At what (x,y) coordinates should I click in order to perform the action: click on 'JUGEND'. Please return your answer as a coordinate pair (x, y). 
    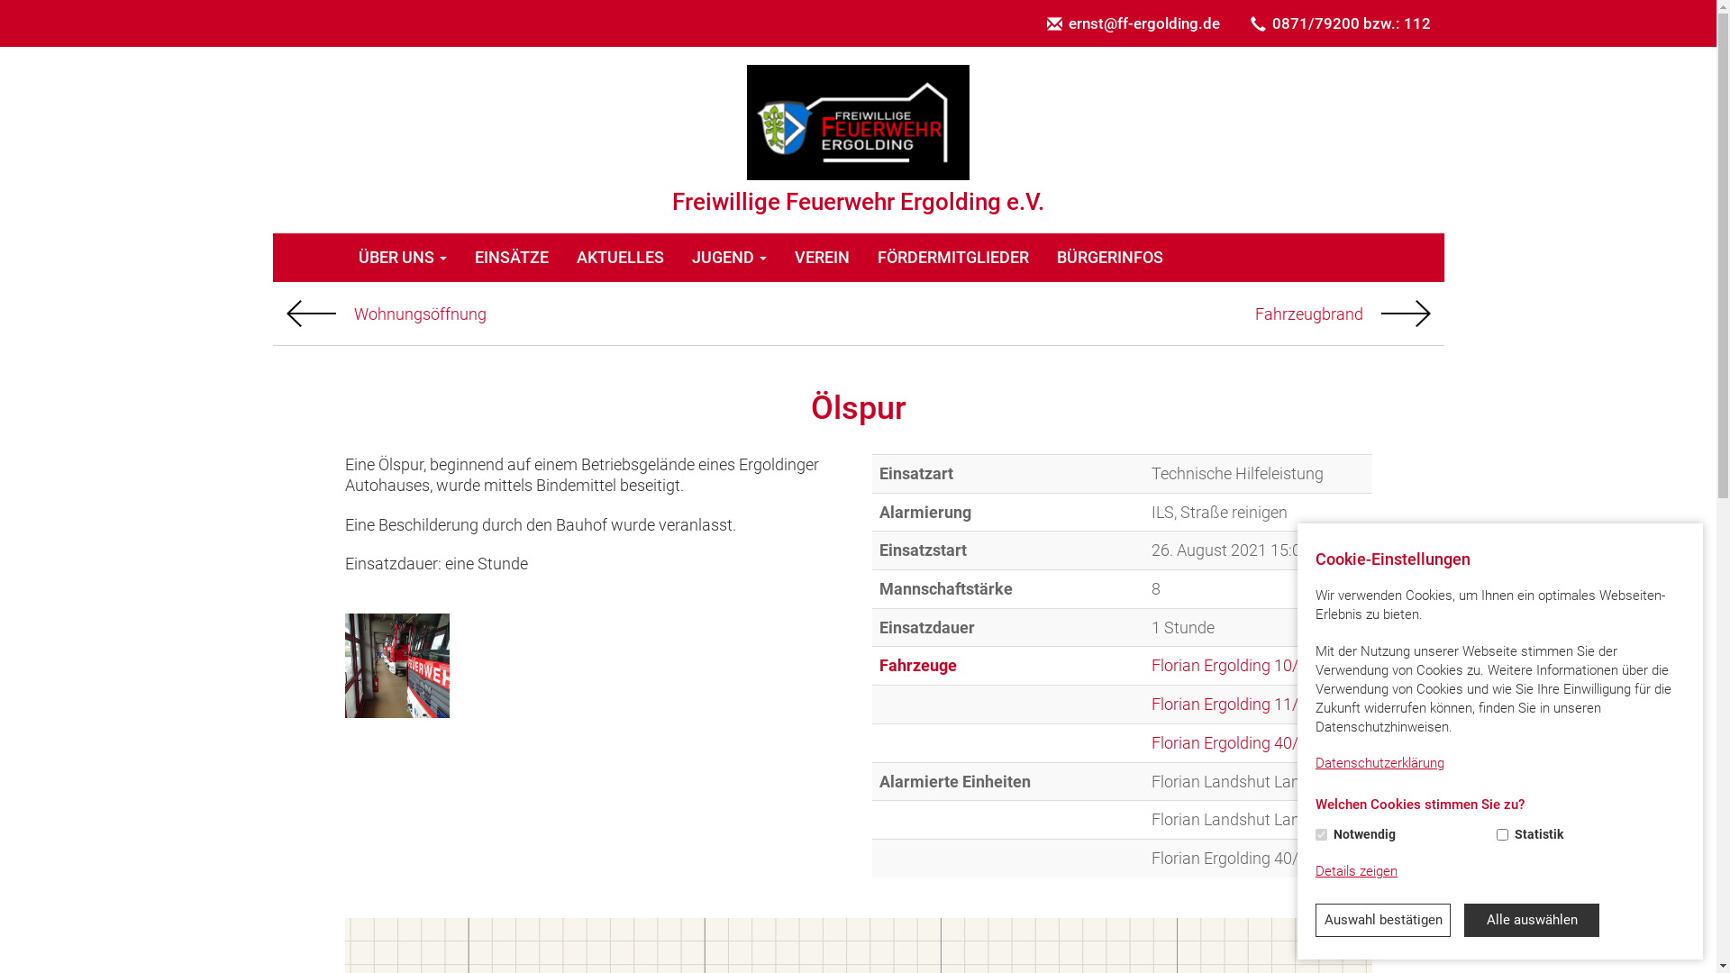
    Looking at the image, I should click on (729, 257).